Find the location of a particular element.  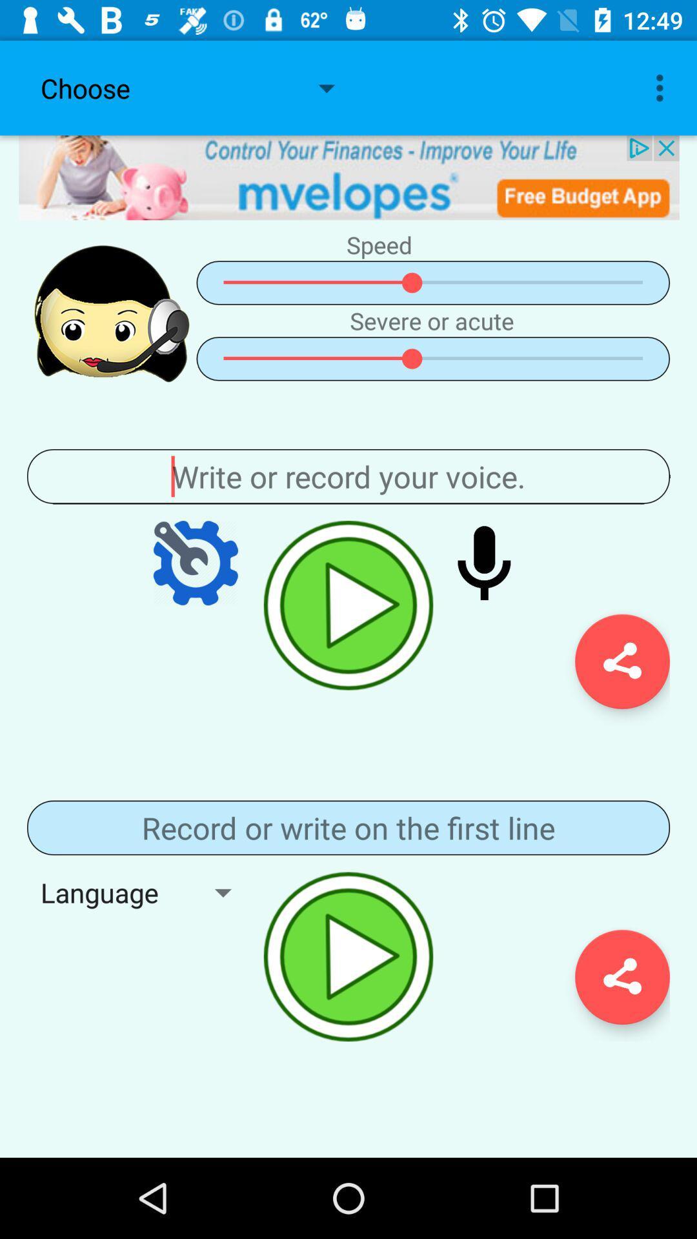

the share icon is located at coordinates (621, 661).